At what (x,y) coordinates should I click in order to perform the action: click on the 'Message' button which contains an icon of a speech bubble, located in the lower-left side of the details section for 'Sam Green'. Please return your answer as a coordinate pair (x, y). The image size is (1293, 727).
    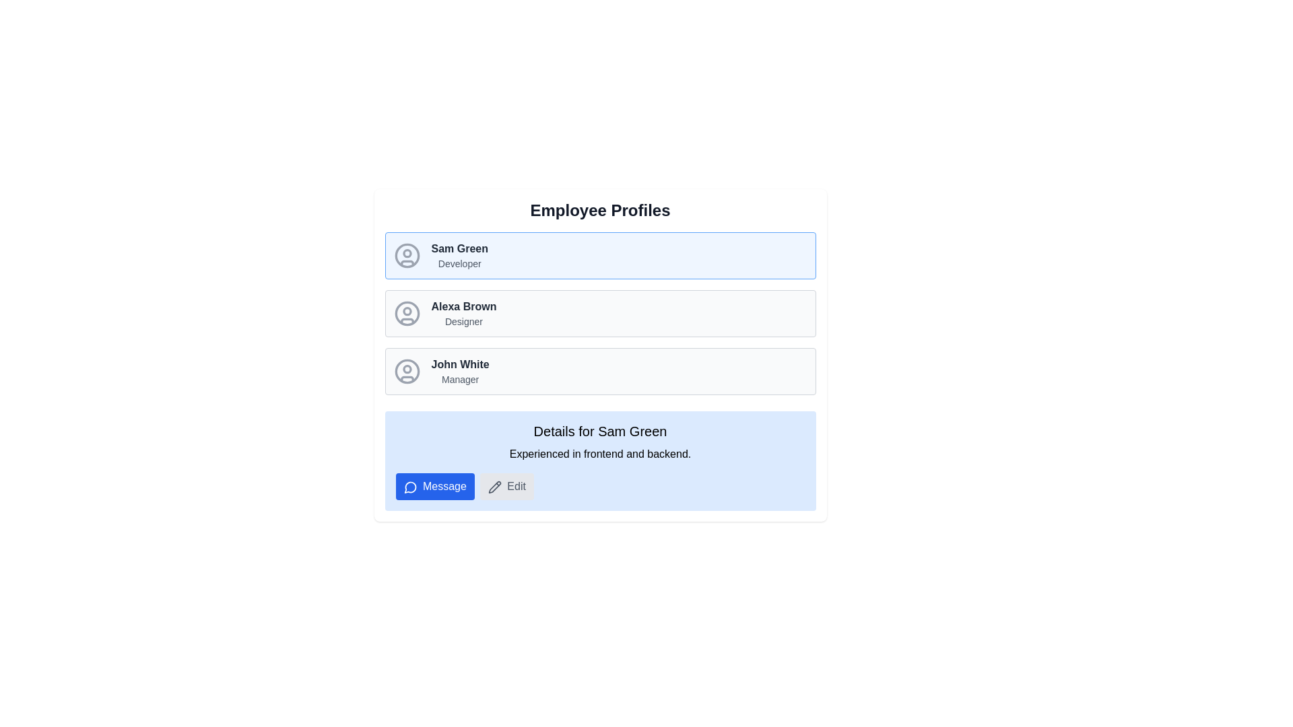
    Looking at the image, I should click on (409, 487).